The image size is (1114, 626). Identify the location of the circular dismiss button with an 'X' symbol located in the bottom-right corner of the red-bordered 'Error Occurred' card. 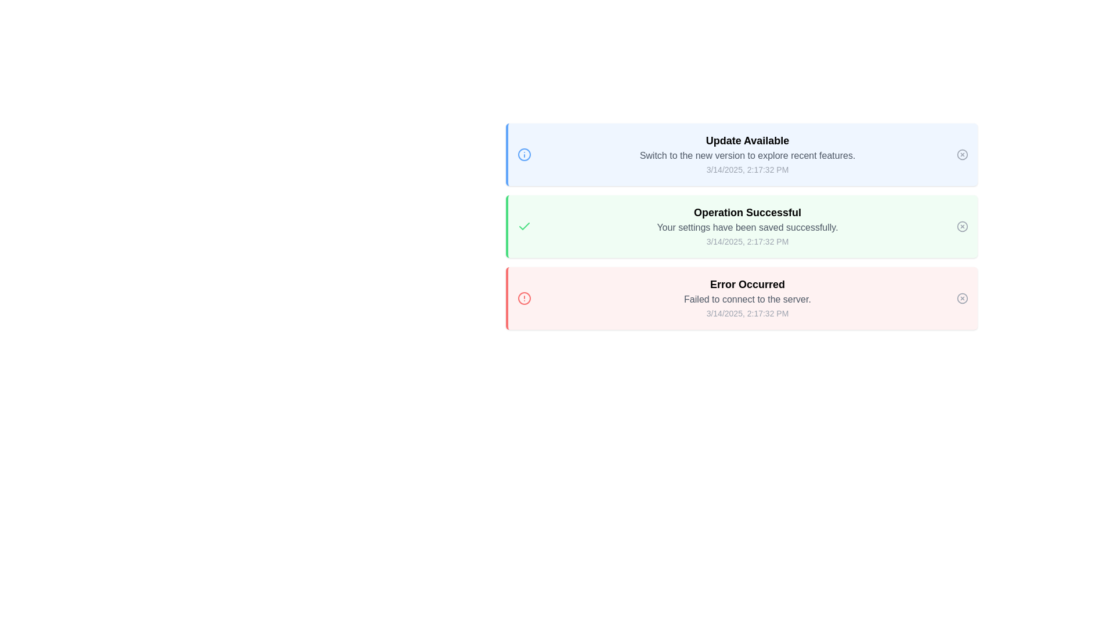
(963, 298).